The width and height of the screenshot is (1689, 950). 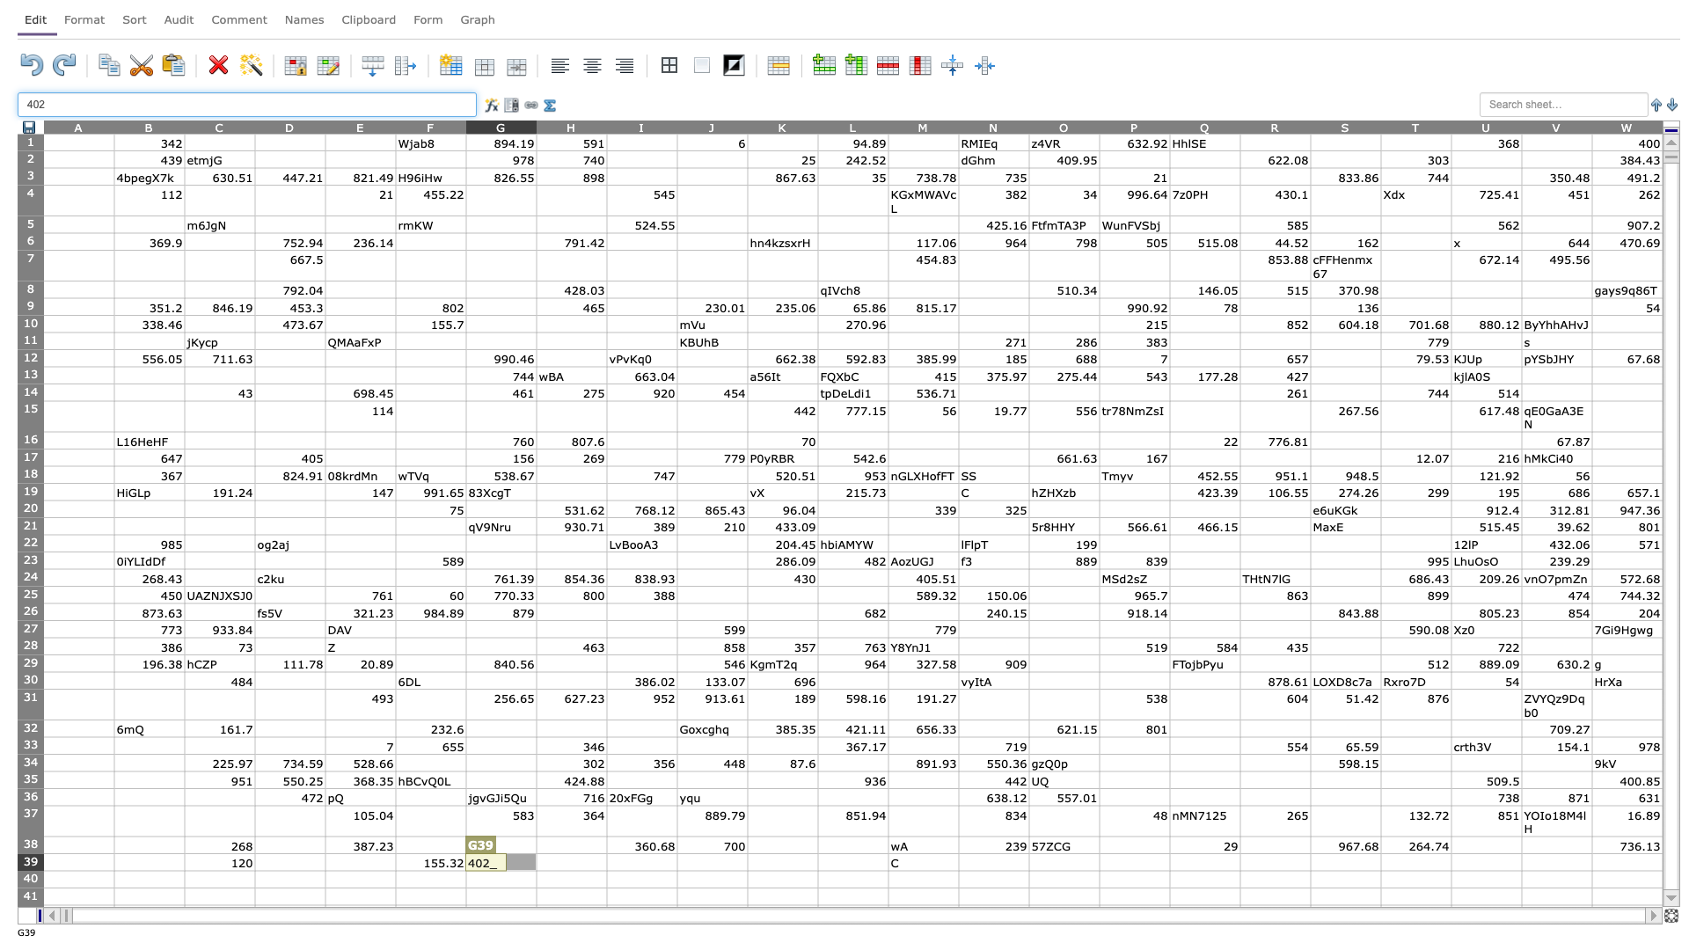 I want to click on Left side boundary of H39, so click(x=535, y=861).